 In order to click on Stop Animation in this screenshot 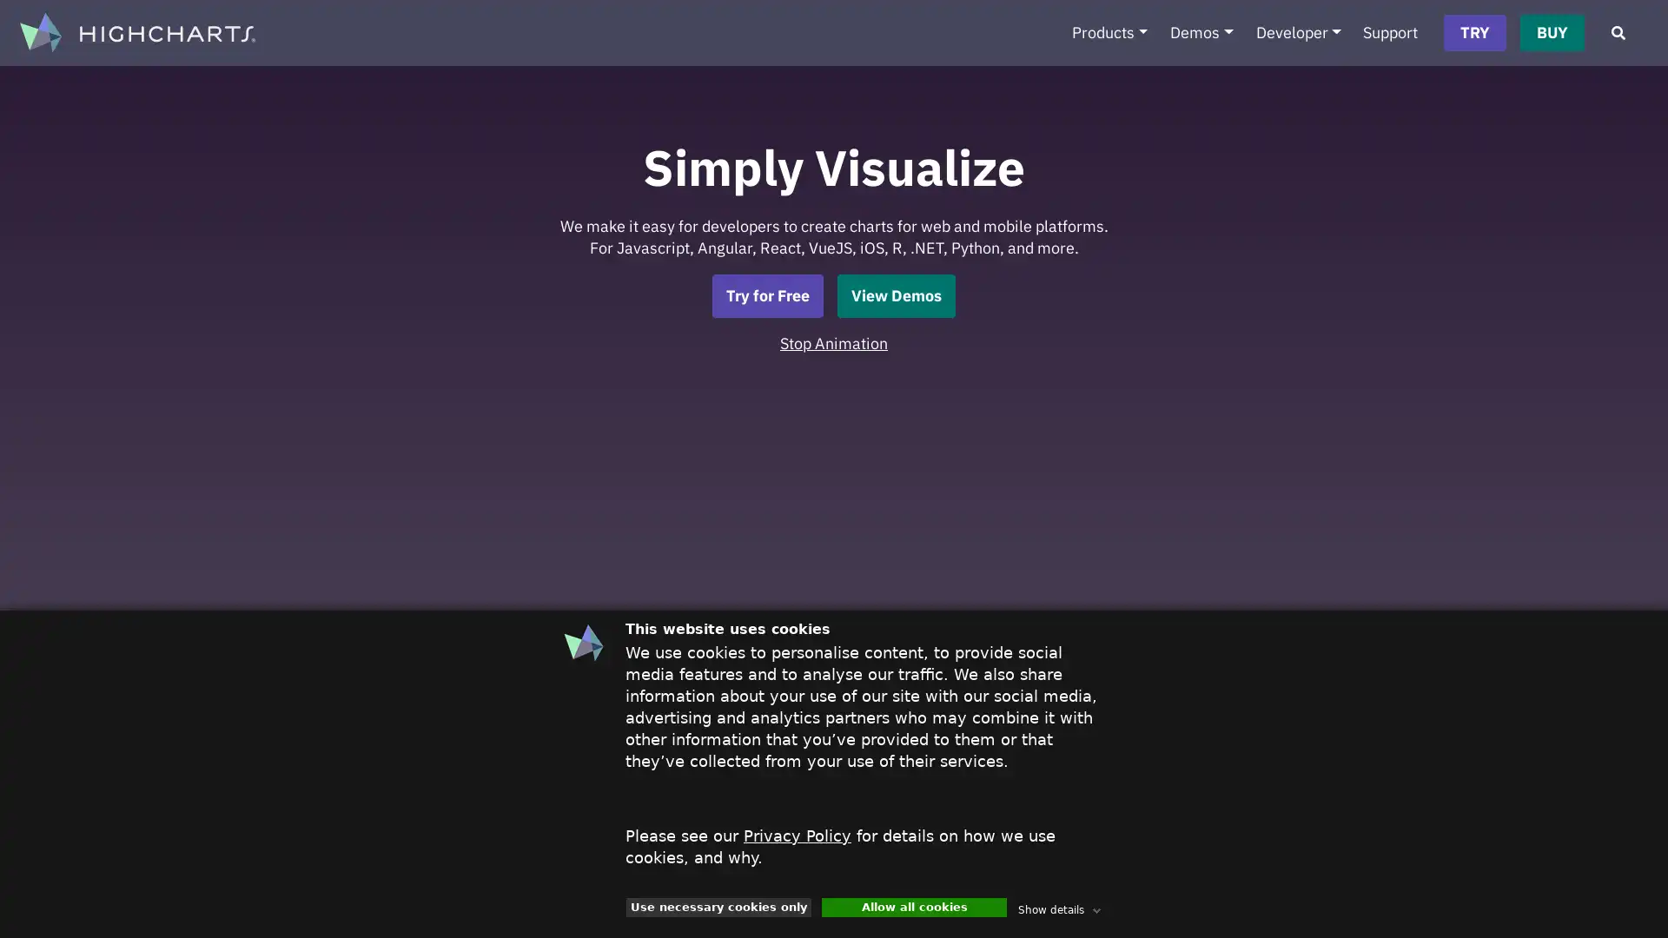, I will do `click(834, 342)`.